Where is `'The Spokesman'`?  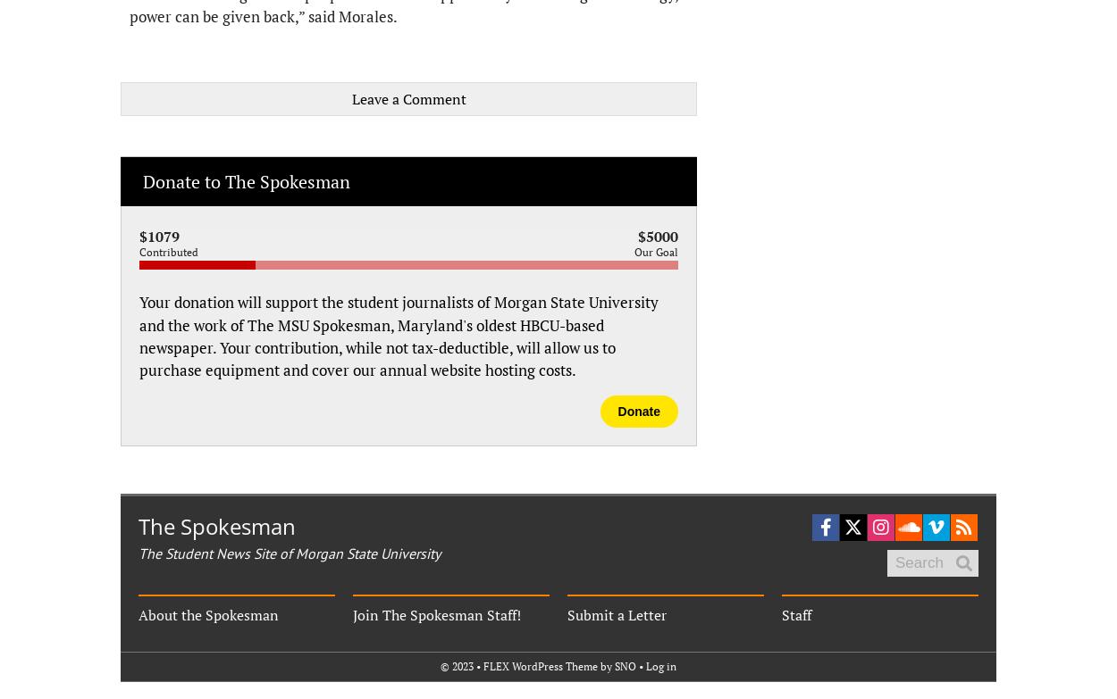 'The Spokesman' is located at coordinates (215, 525).